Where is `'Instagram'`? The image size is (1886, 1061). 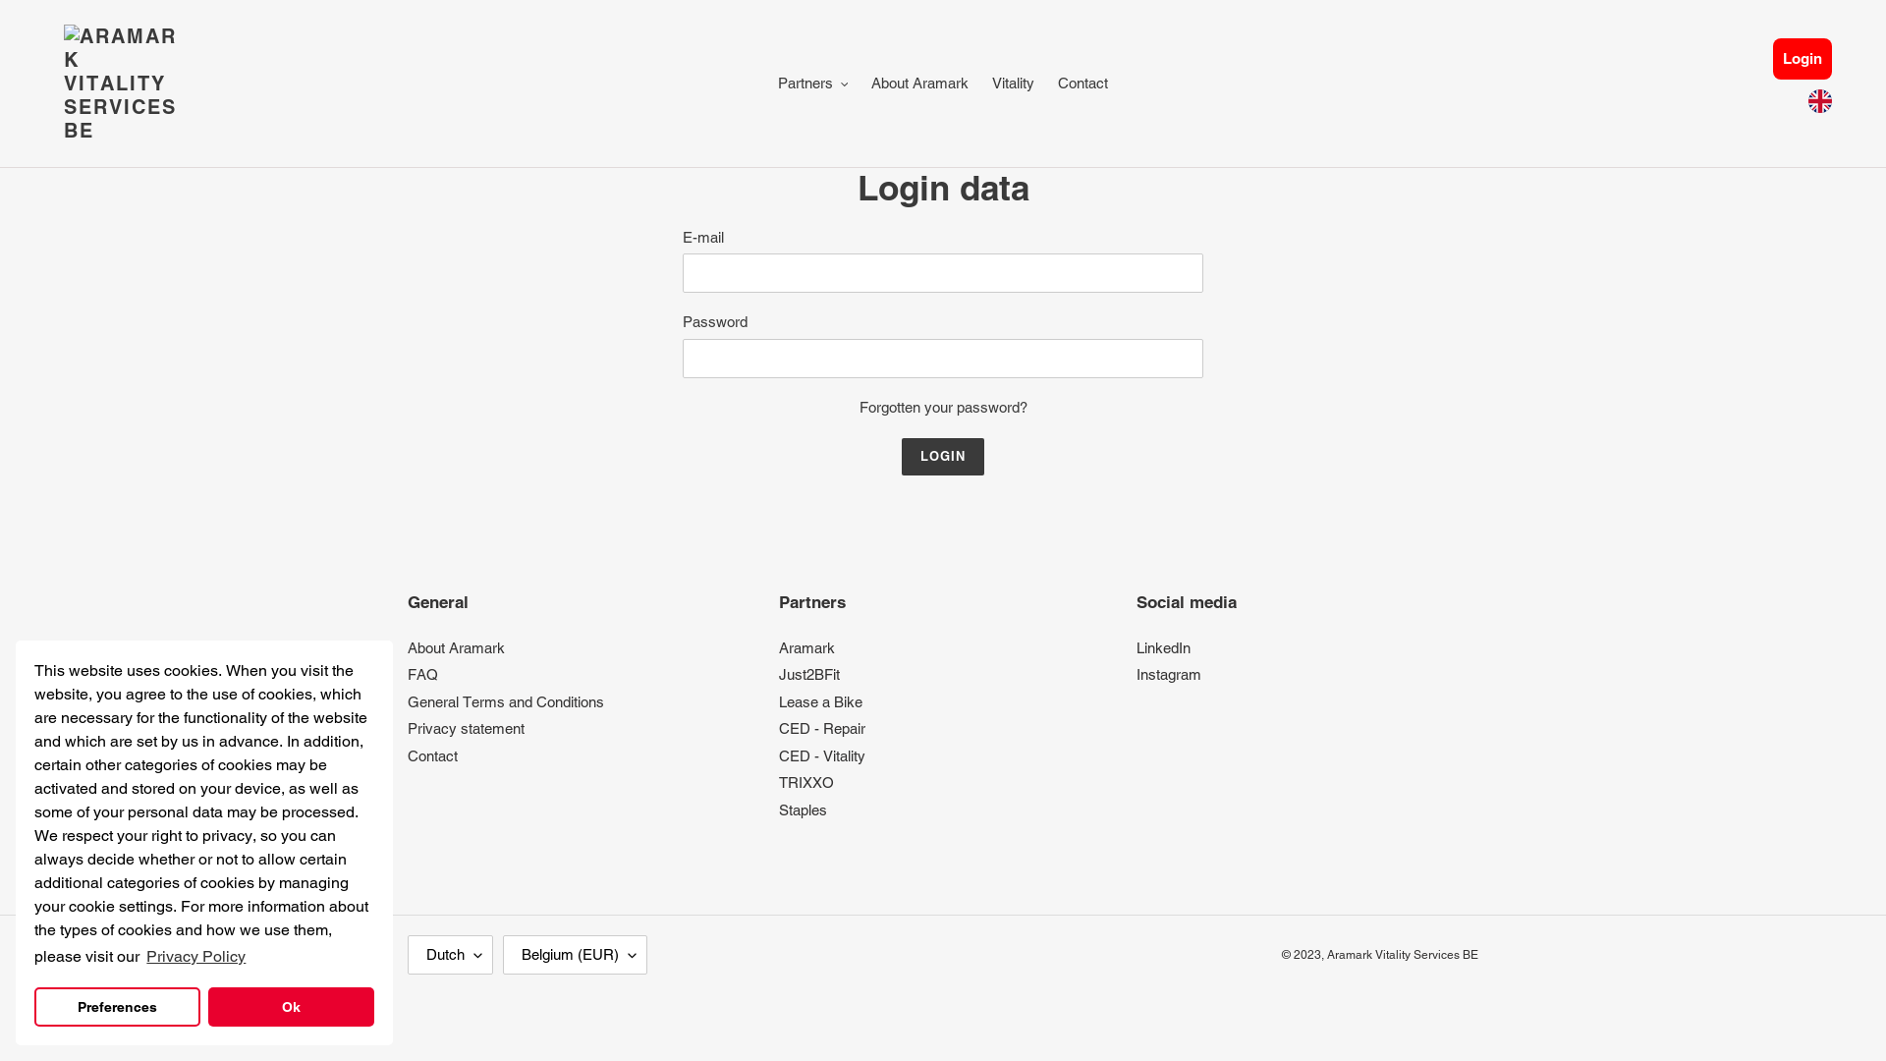
'Instagram' is located at coordinates (1136, 673).